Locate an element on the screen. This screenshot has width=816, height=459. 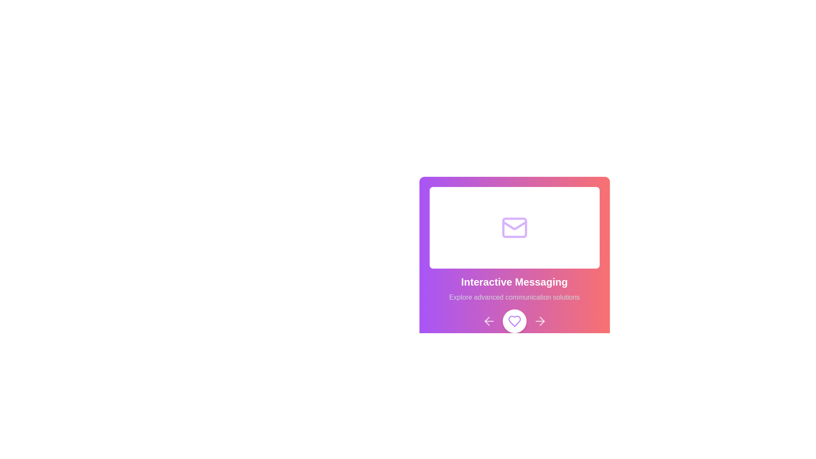
the messaging icon located at the center of the 'Interactive Messaging' card positioned at the bottom center of the interface is located at coordinates (514, 227).